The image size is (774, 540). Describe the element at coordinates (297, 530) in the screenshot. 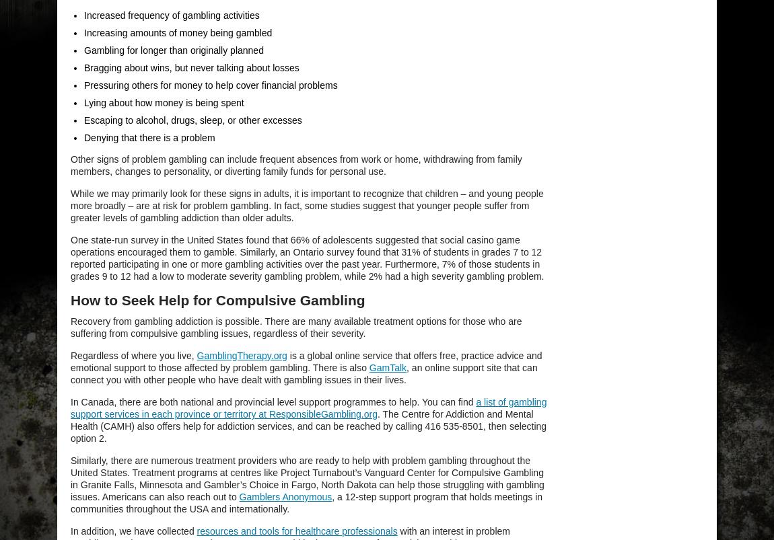

I see `'resources and tools for healthcare professionals'` at that location.